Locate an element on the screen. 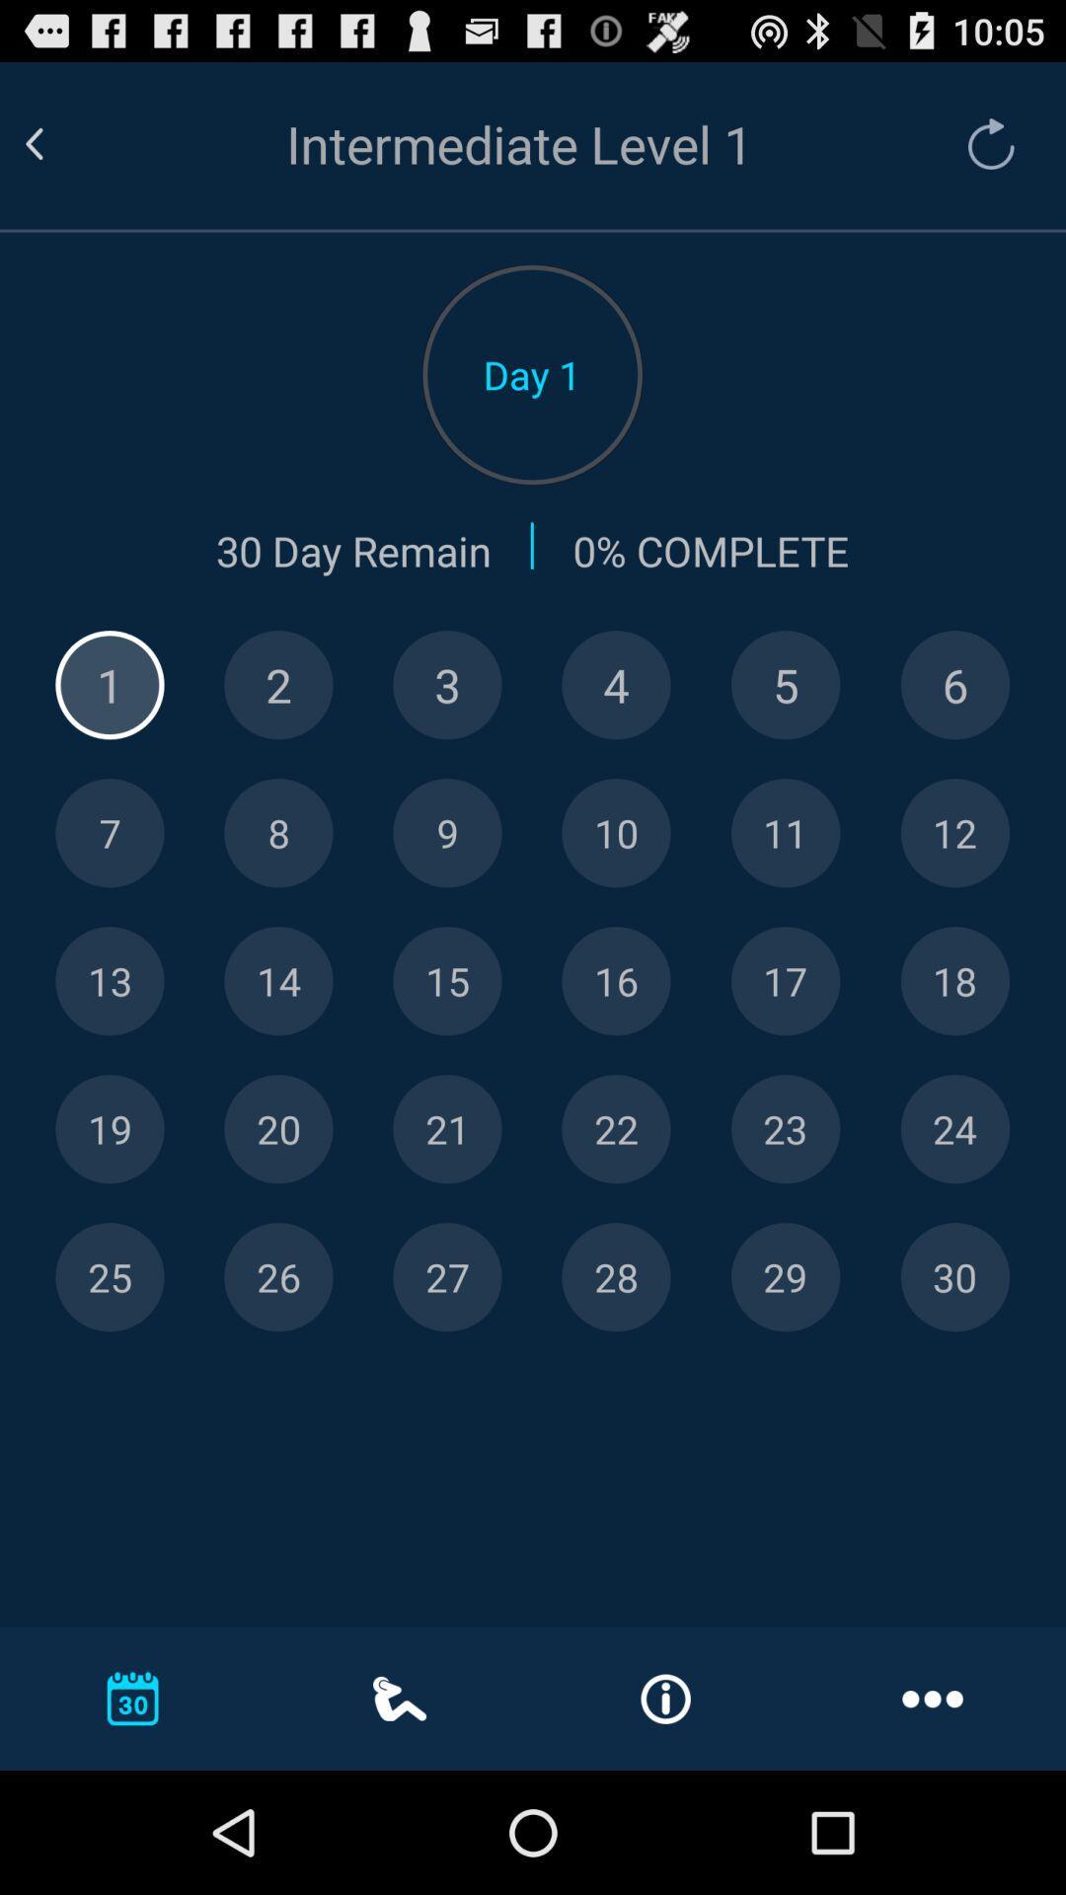 This screenshot has width=1066, height=1895. twenty-seven number is located at coordinates (447, 1277).